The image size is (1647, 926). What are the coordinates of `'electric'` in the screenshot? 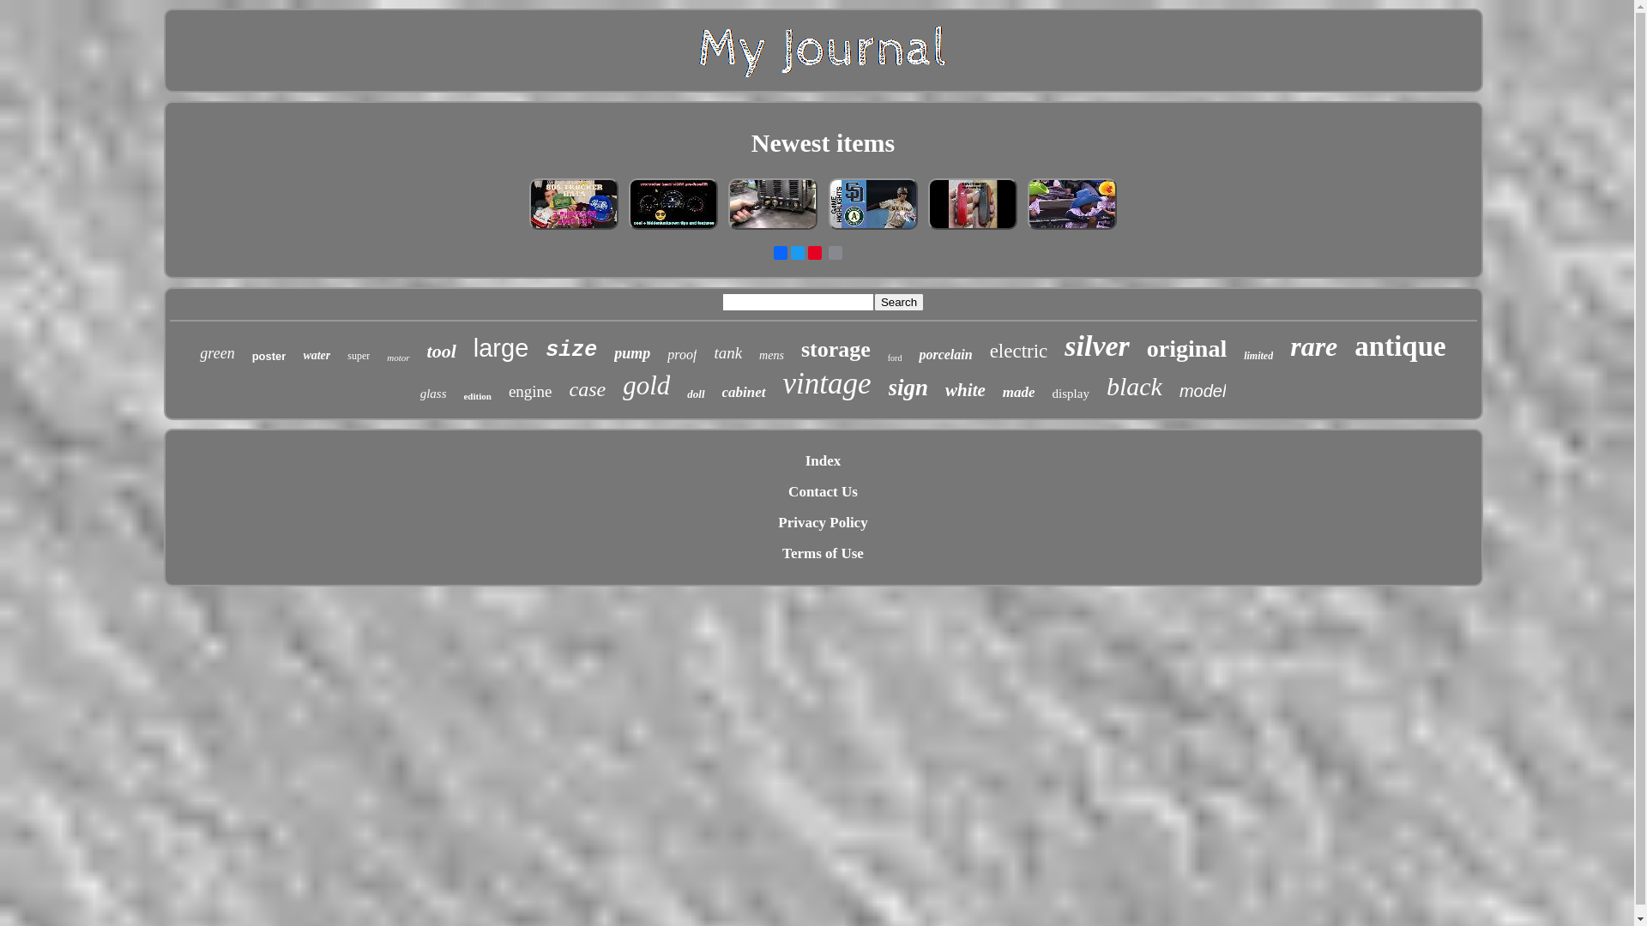 It's located at (1019, 350).